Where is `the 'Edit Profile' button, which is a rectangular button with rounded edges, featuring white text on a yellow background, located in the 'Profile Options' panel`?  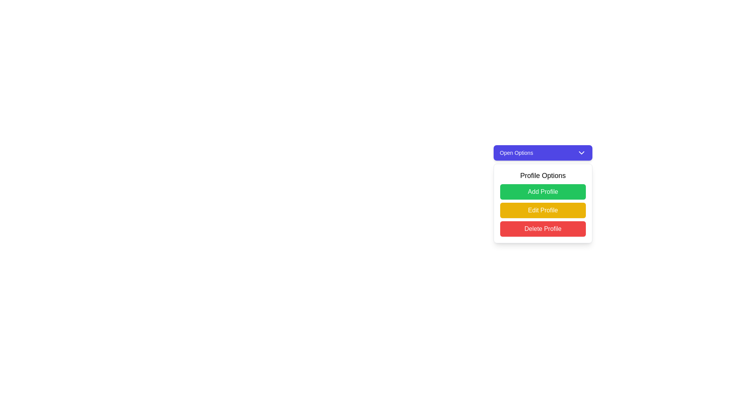
the 'Edit Profile' button, which is a rectangular button with rounded edges, featuring white text on a yellow background, located in the 'Profile Options' panel is located at coordinates (542, 210).